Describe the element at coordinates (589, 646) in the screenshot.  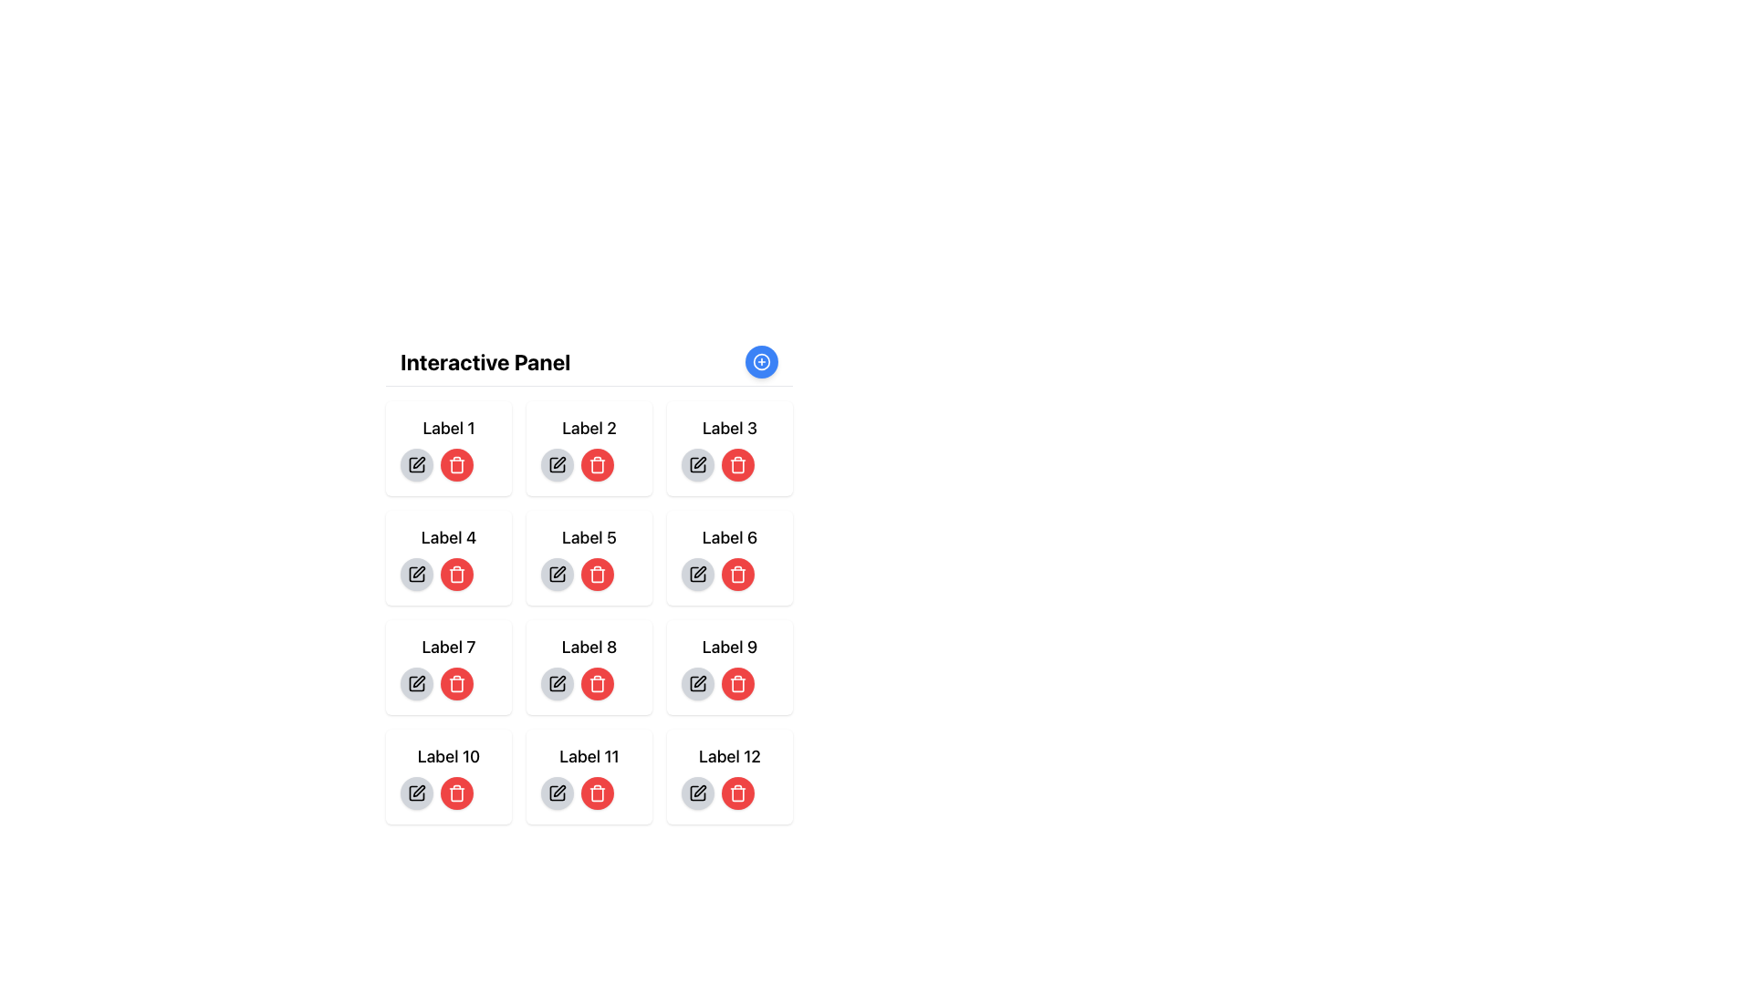
I see `the text label displaying 'Label 8', which is styled in medium bold font and is located in the third row and second column of a grid layout` at that location.